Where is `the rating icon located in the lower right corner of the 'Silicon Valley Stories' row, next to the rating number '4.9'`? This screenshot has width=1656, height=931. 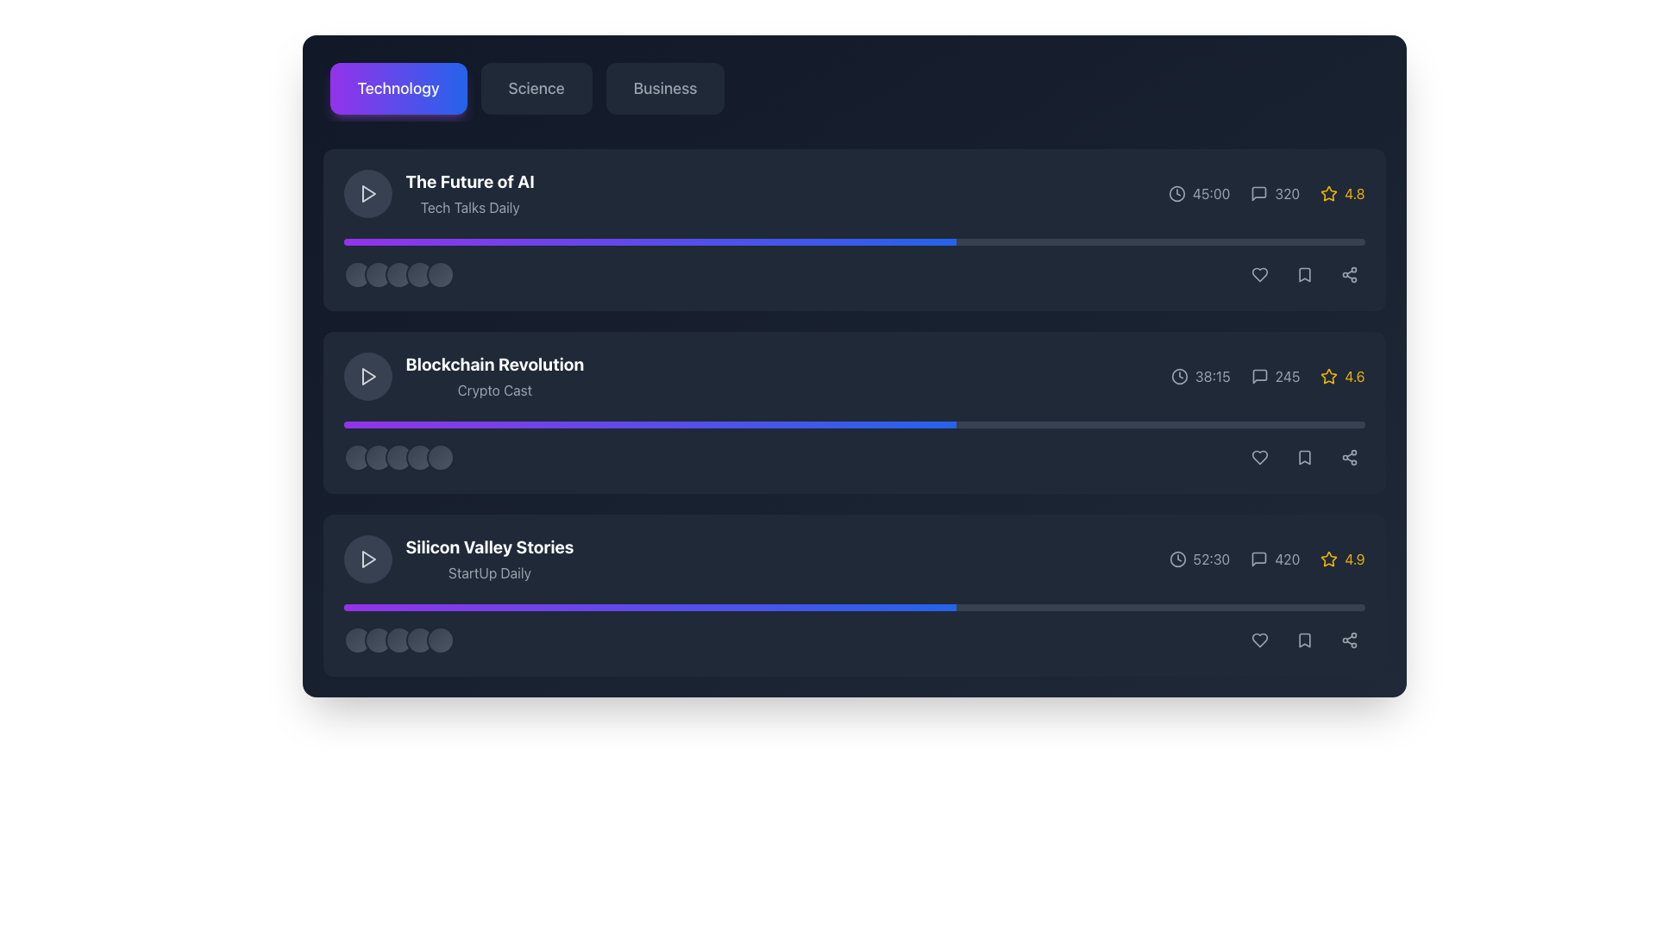
the rating icon located in the lower right corner of the 'Silicon Valley Stories' row, next to the rating number '4.9' is located at coordinates (1328, 559).